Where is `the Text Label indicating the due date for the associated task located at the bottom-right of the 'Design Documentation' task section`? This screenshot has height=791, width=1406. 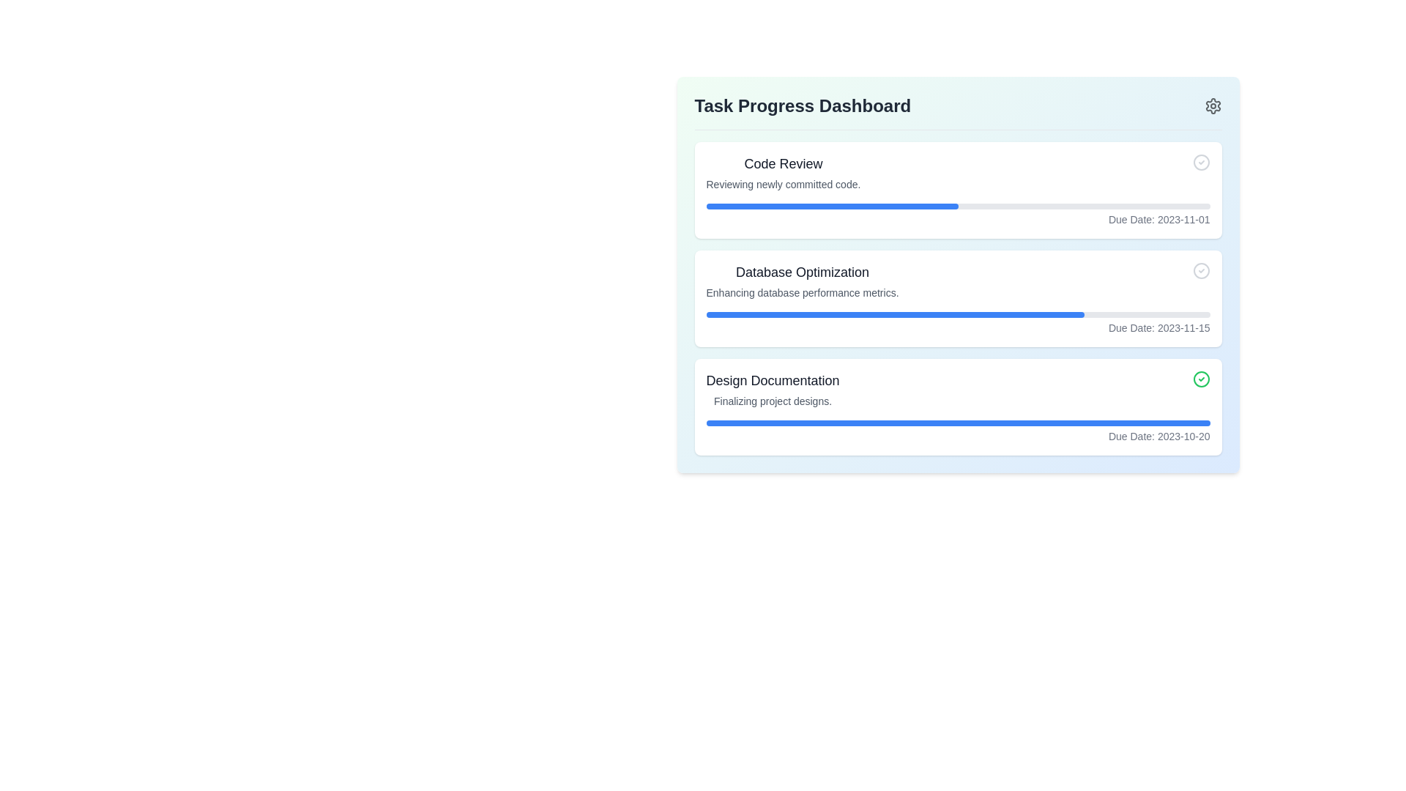 the Text Label indicating the due date for the associated task located at the bottom-right of the 'Design Documentation' task section is located at coordinates (958, 436).